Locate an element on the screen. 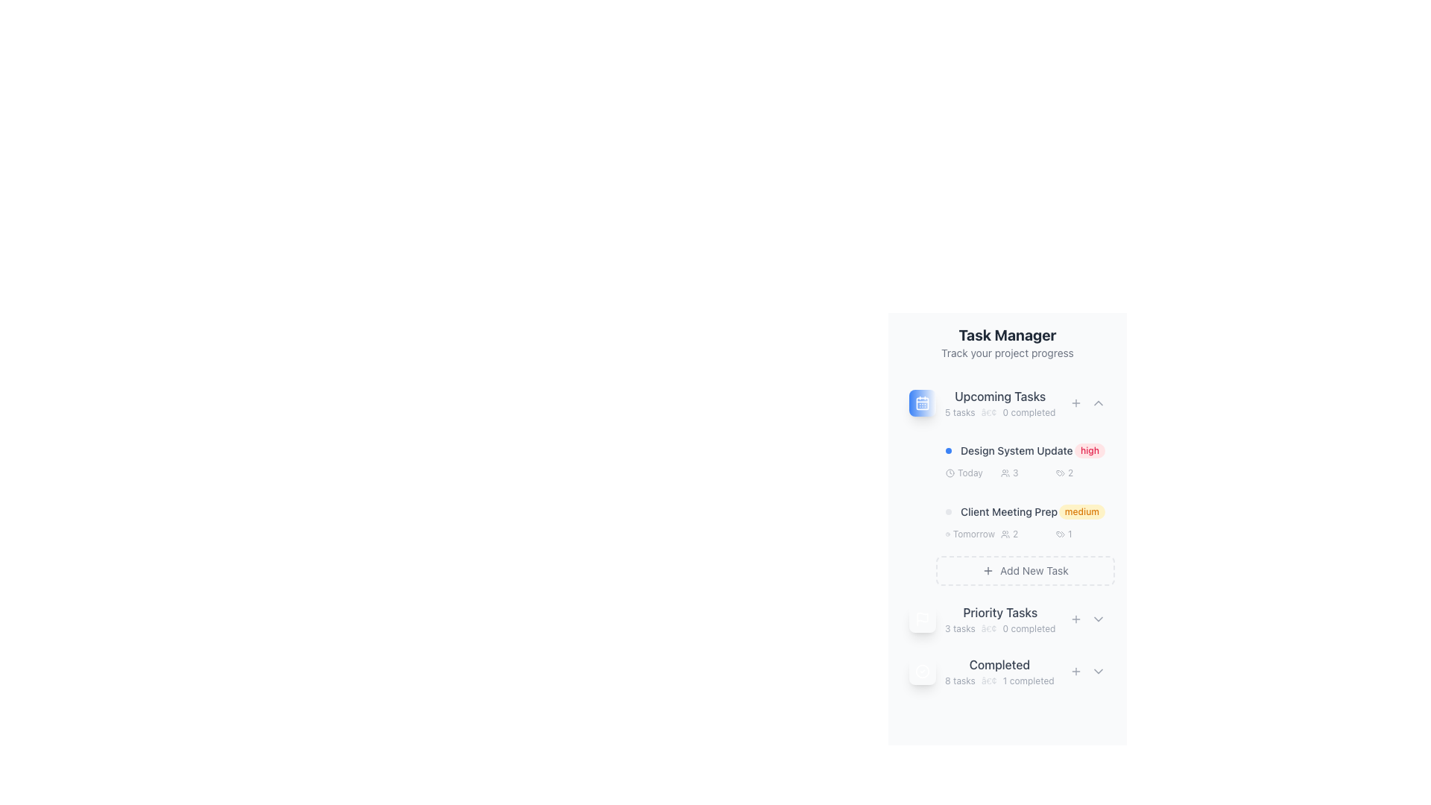  the text label displaying '8 tasks • 1 completed', which is located below the 'Completed' section header in the task management interface is located at coordinates (999, 681).